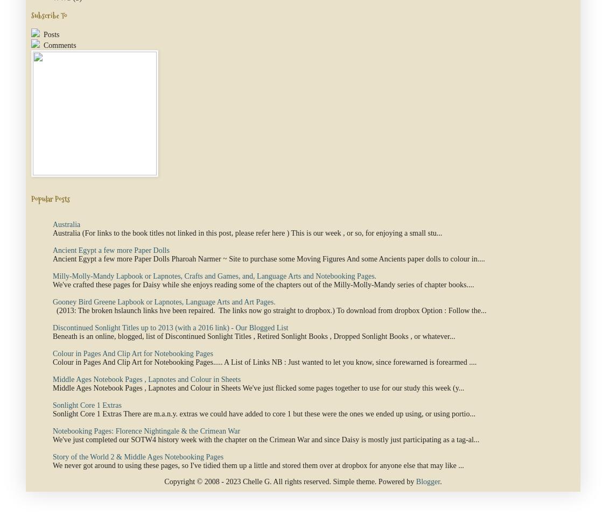  What do you see at coordinates (53, 276) in the screenshot?
I see `'Milly-Molly-Mandy Lapbook or Lapnotes, Crafts and Games, and, Language Arts and Notebooking Pages.'` at bounding box center [53, 276].